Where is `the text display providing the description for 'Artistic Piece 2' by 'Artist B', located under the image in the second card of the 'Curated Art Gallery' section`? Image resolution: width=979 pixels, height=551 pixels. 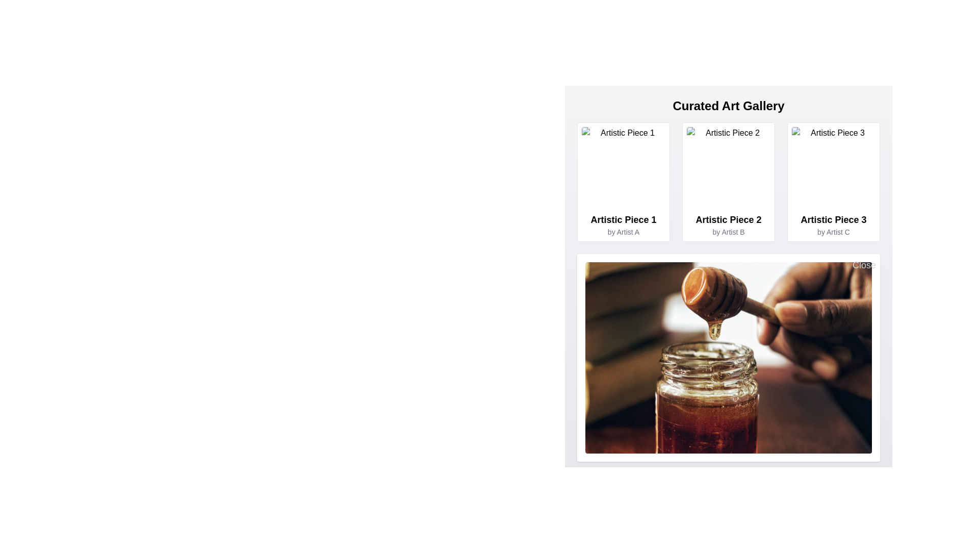 the text display providing the description for 'Artistic Piece 2' by 'Artist B', located under the image in the second card of the 'Curated Art Gallery' section is located at coordinates (728, 224).